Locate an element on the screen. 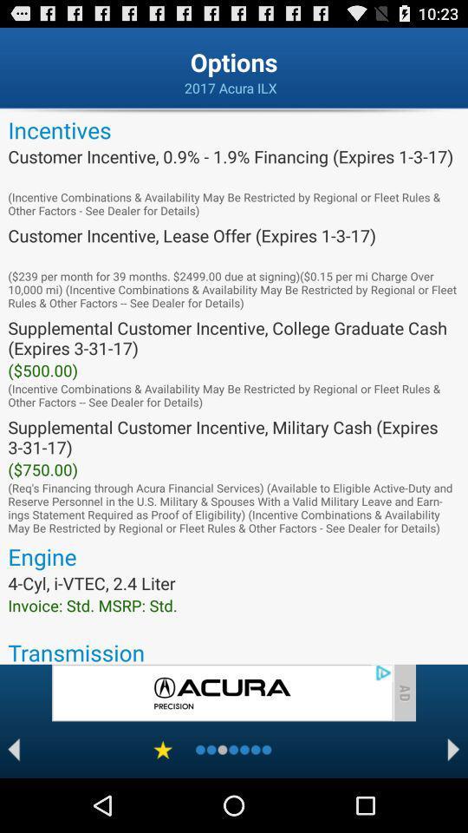 The width and height of the screenshot is (468, 833). the star icon is located at coordinates (163, 802).